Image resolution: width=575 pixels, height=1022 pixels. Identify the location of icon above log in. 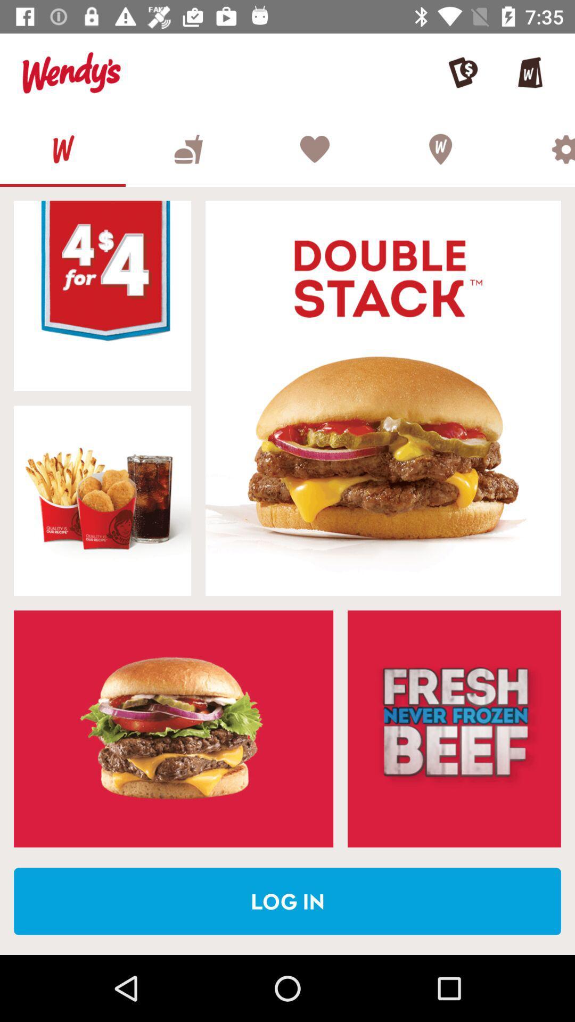
(454, 728).